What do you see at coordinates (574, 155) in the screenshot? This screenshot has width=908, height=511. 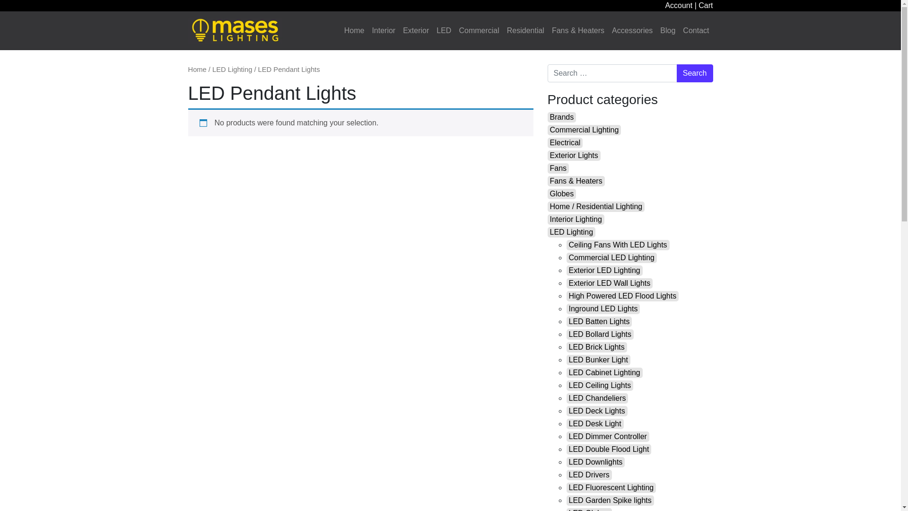 I see `'Exterior Lights'` at bounding box center [574, 155].